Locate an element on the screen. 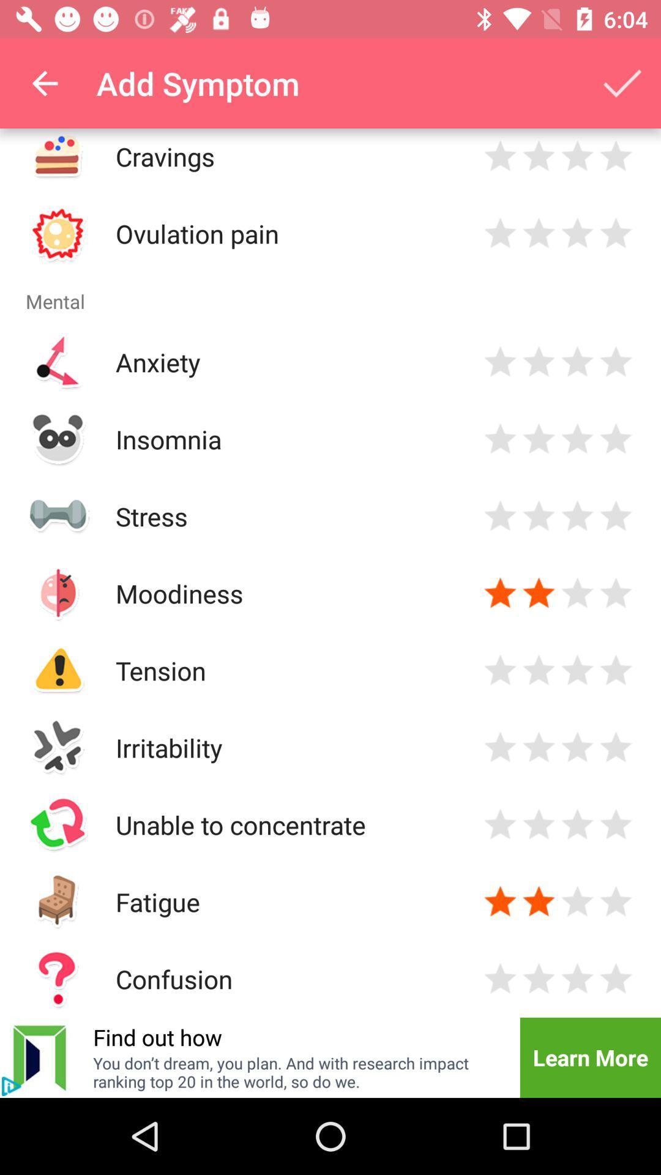  rate pain is located at coordinates (616, 233).